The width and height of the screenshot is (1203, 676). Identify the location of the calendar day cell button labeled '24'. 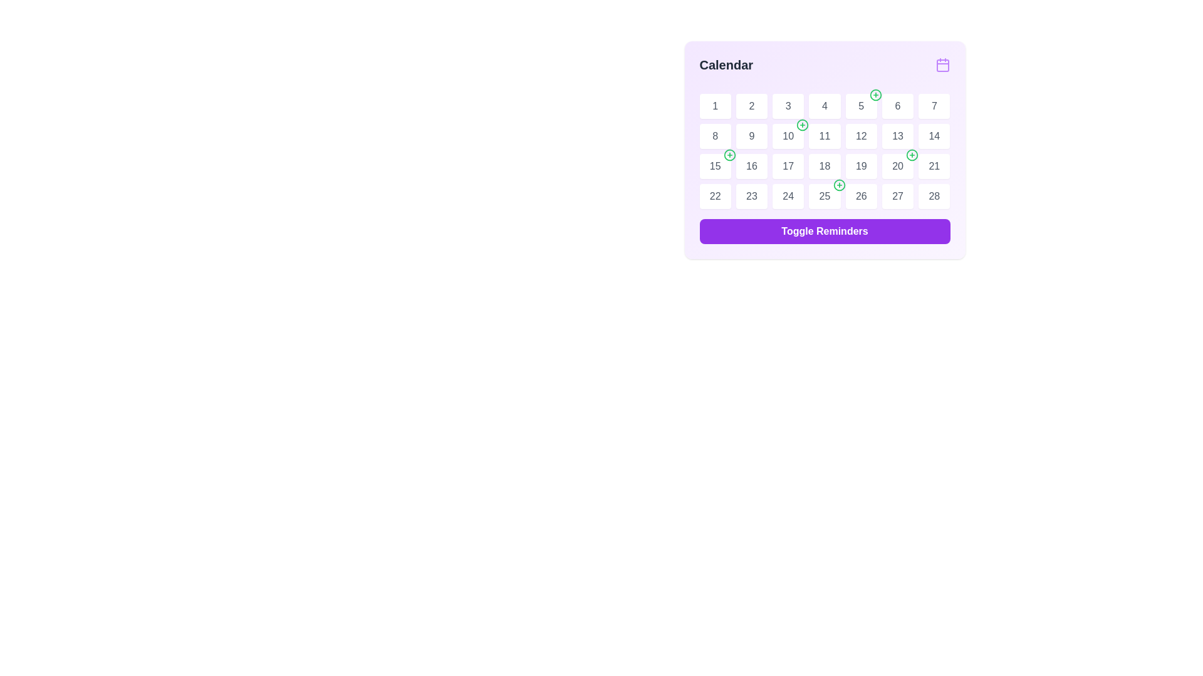
(787, 196).